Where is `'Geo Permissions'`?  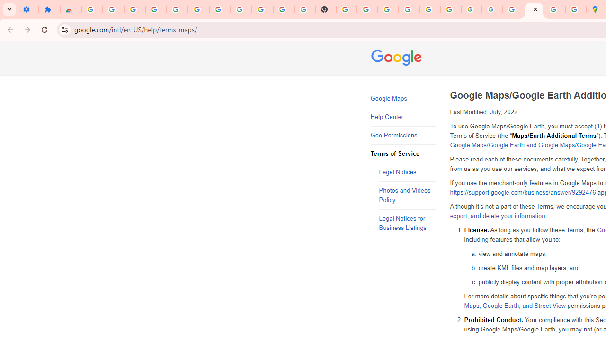
'Geo Permissions' is located at coordinates (403, 136).